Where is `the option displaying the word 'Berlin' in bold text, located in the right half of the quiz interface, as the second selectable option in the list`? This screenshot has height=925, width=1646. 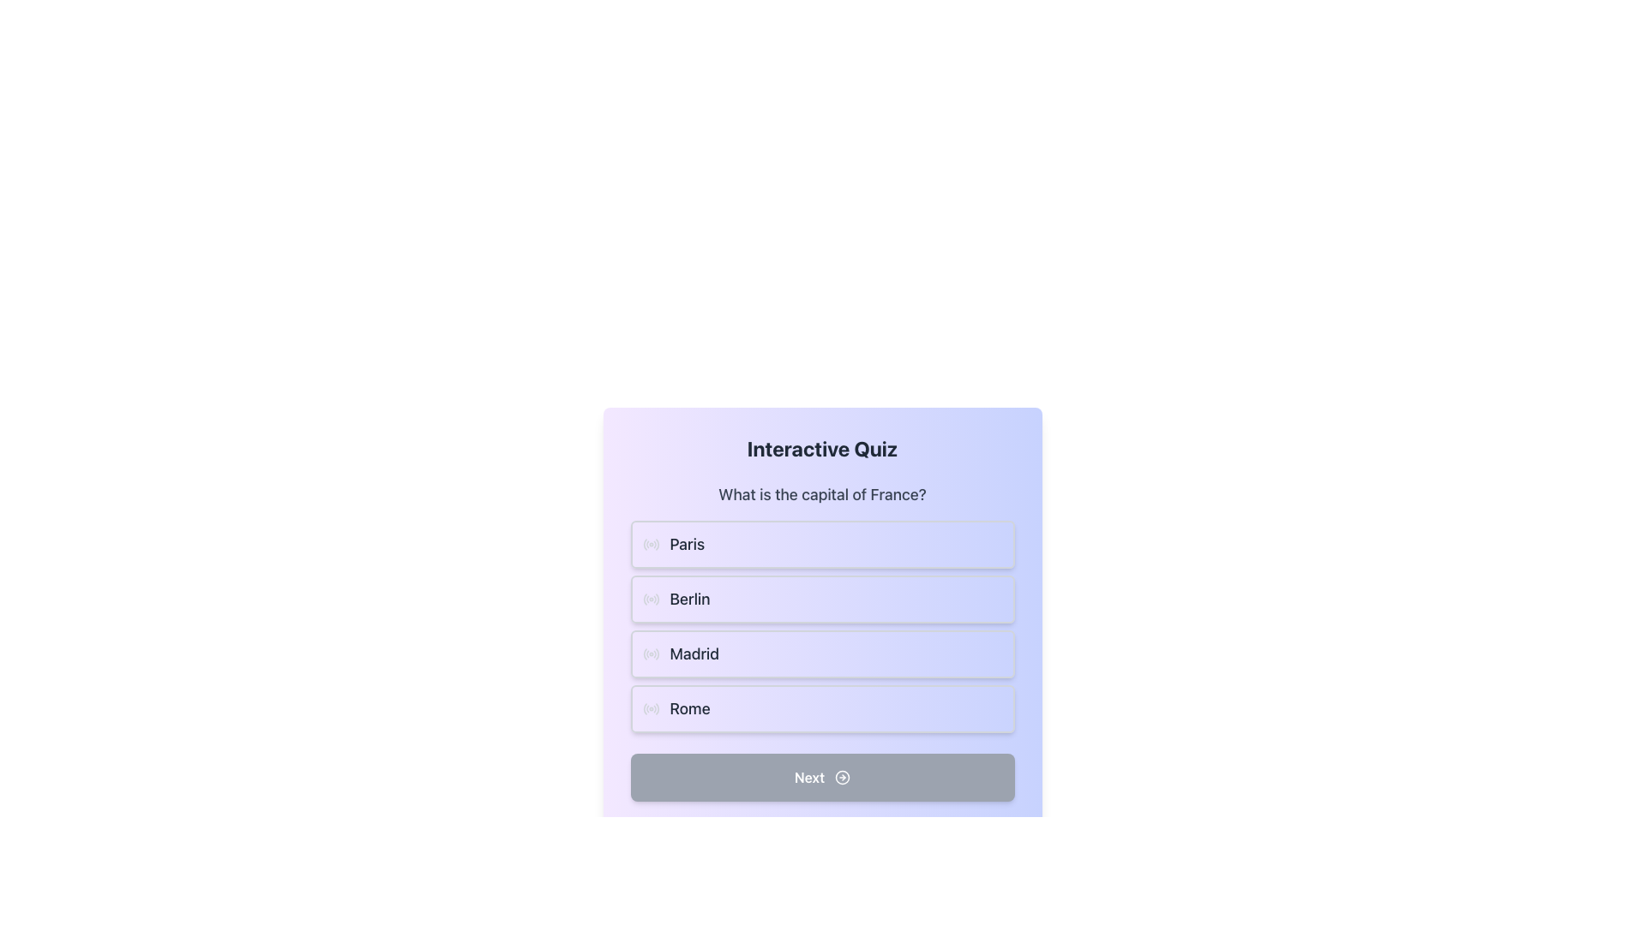
the option displaying the word 'Berlin' in bold text, located in the right half of the quiz interface, as the second selectable option in the list is located at coordinates (690, 598).